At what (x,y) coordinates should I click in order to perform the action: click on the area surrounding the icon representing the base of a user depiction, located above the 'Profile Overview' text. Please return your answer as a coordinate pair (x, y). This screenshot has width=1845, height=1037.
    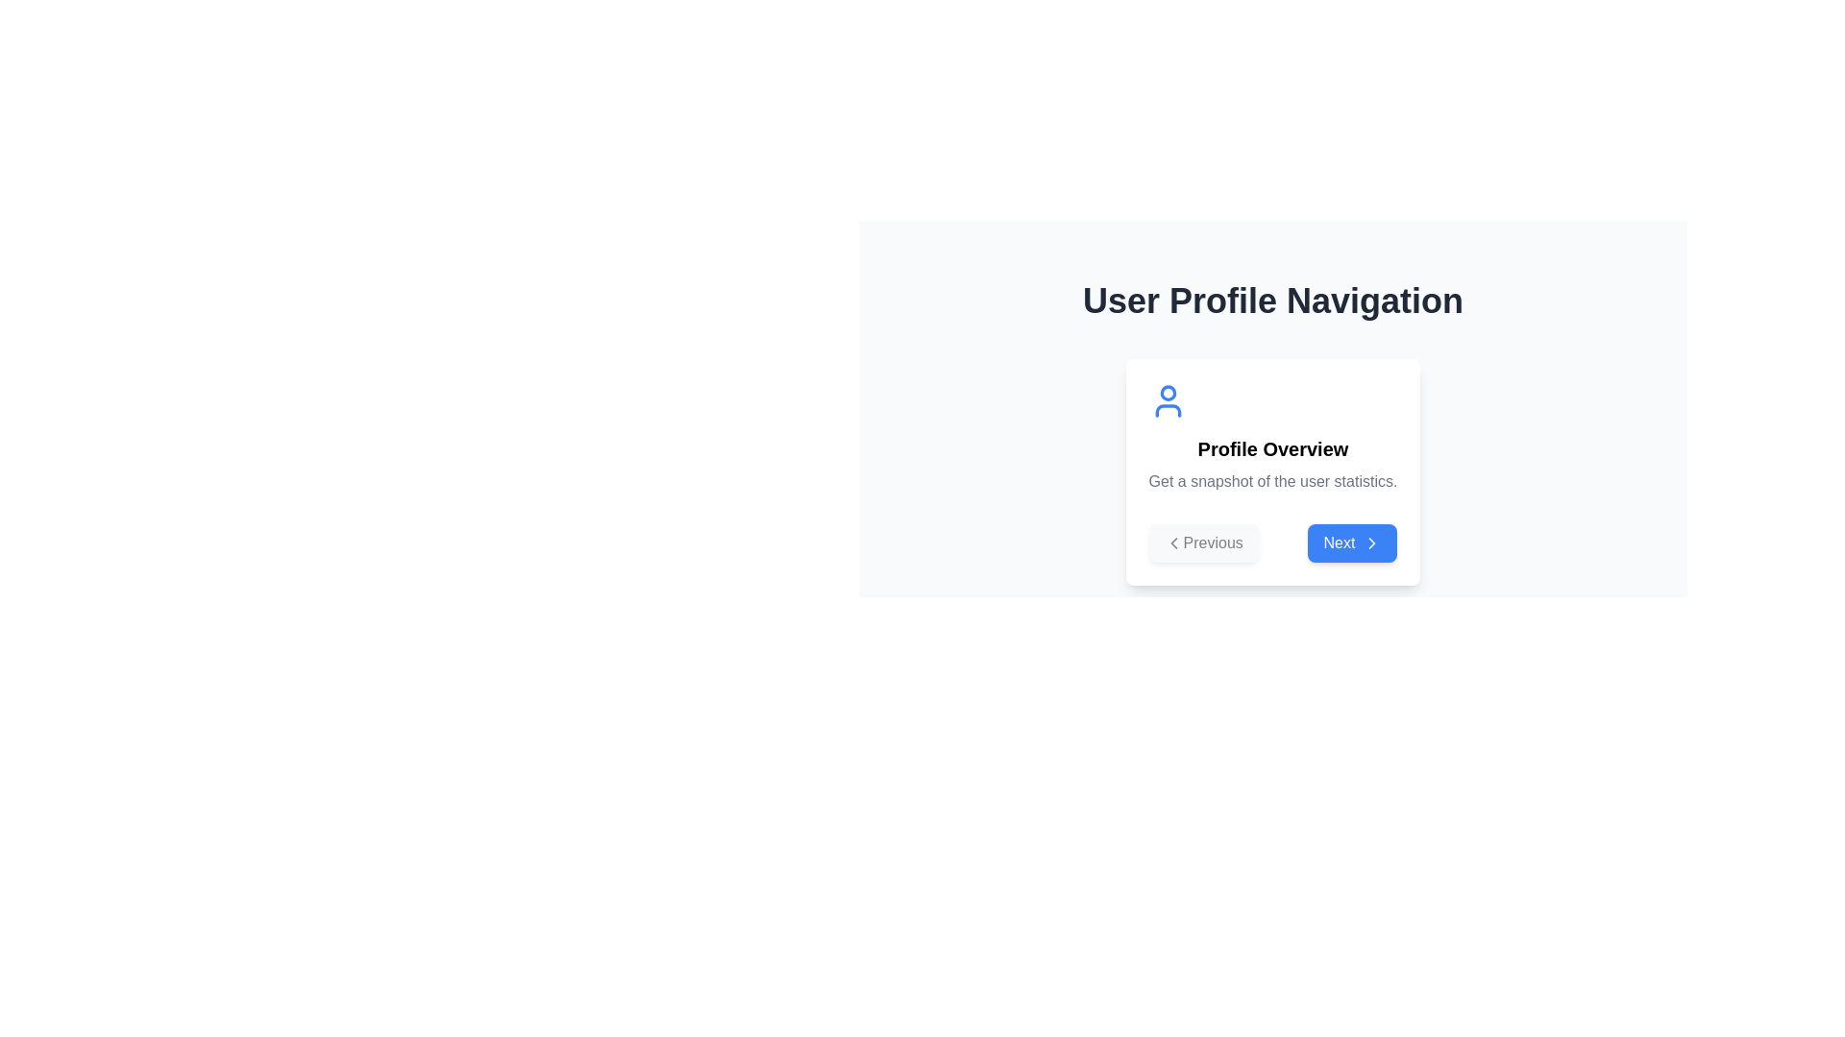
    Looking at the image, I should click on (1167, 410).